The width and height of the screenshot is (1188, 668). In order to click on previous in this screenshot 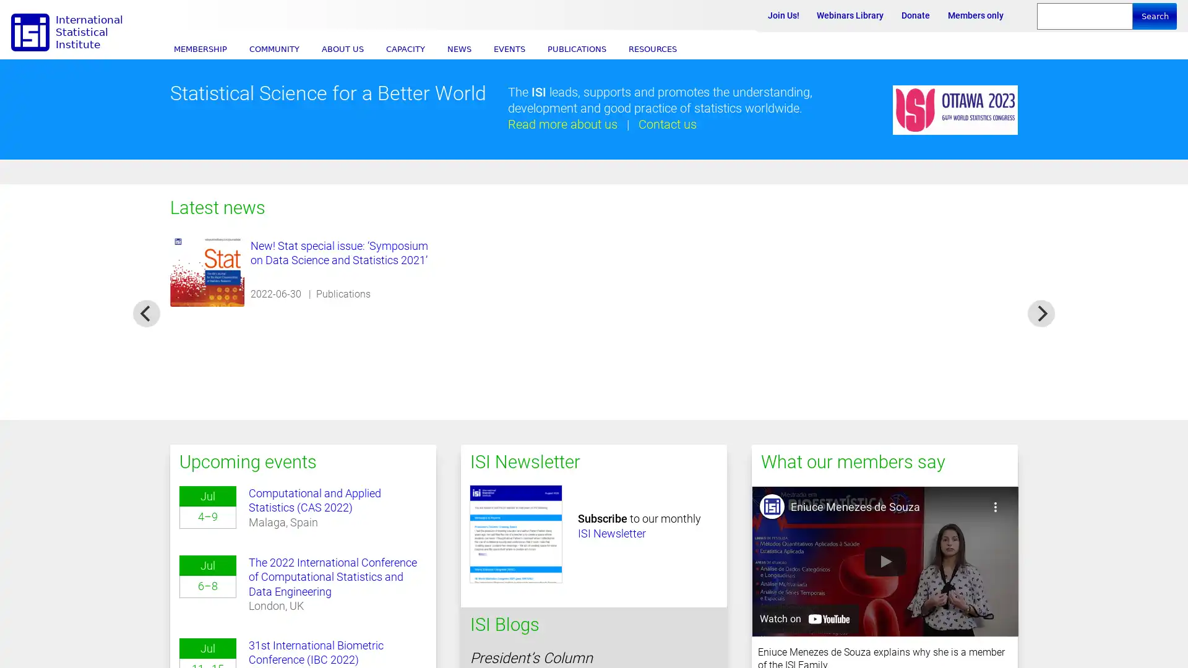, I will do `click(146, 268)`.